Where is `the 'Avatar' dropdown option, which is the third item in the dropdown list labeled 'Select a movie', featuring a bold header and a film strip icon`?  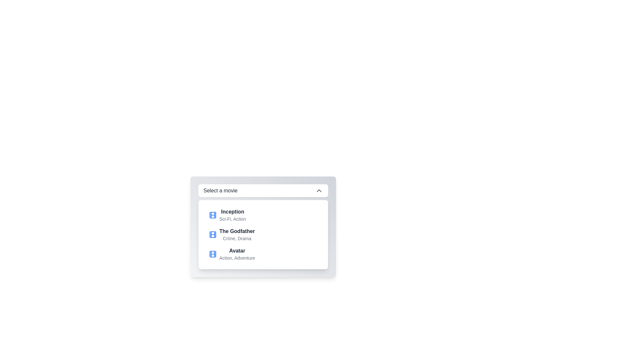
the 'Avatar' dropdown option, which is the third item in the dropdown list labeled 'Select a movie', featuring a bold header and a film strip icon is located at coordinates (232, 254).